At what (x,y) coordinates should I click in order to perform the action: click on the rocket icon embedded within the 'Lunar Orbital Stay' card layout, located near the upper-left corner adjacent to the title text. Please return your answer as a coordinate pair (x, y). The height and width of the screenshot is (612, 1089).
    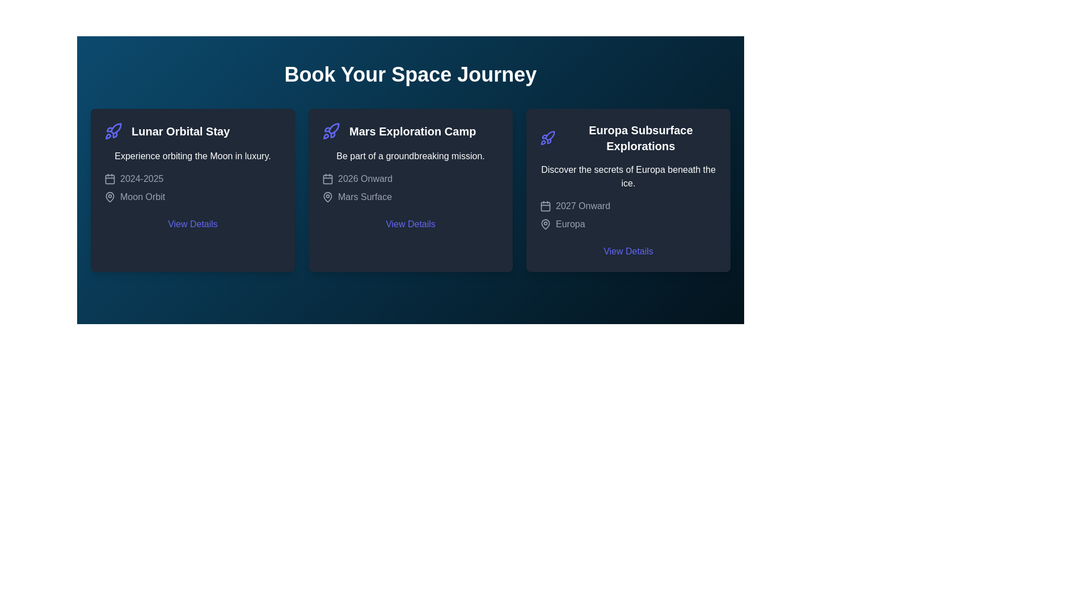
    Looking at the image, I should click on (116, 128).